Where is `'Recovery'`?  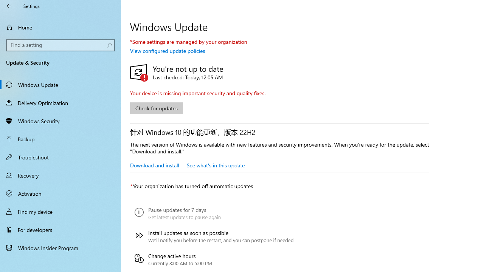 'Recovery' is located at coordinates (60, 175).